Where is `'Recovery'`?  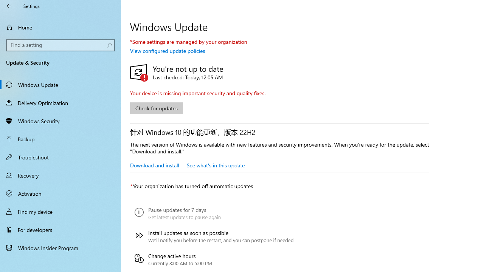 'Recovery' is located at coordinates (60, 175).